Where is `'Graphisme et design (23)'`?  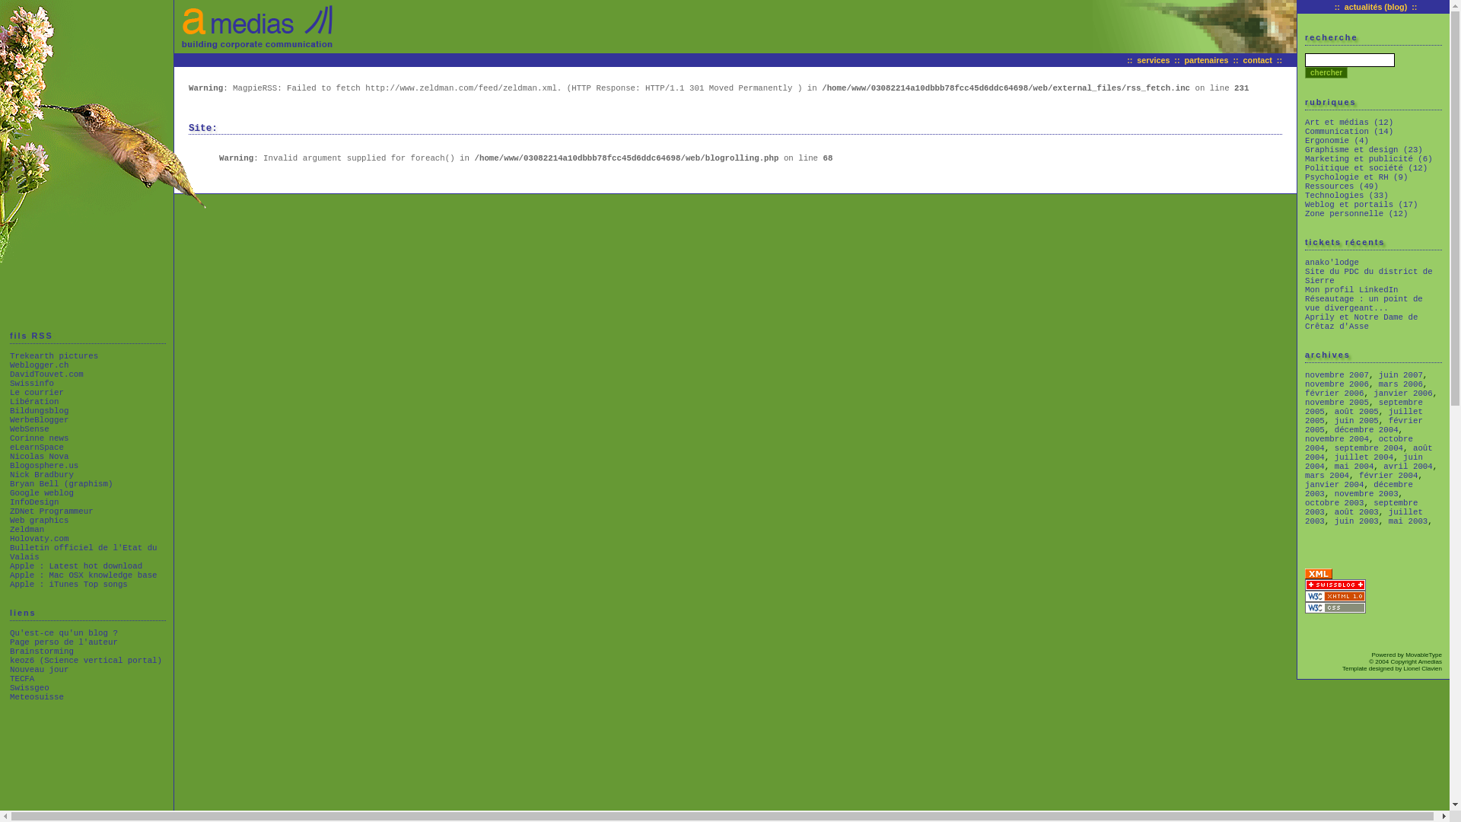
'Graphisme et design (23)' is located at coordinates (1364, 149).